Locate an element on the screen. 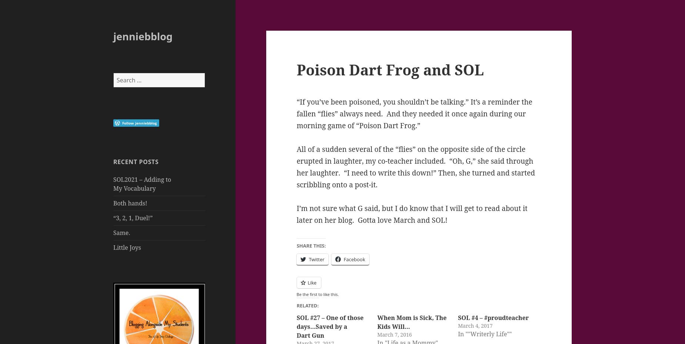 This screenshot has width=685, height=344. 'Recent Posts' is located at coordinates (113, 161).